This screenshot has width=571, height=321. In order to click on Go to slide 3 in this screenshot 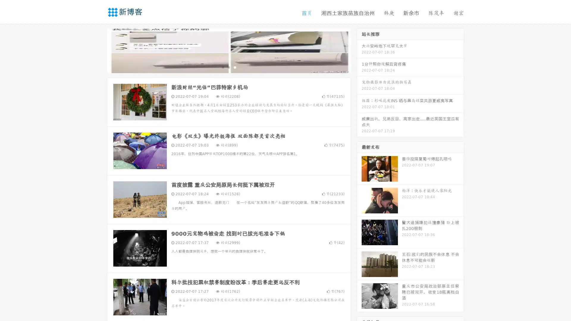, I will do `click(235, 67)`.